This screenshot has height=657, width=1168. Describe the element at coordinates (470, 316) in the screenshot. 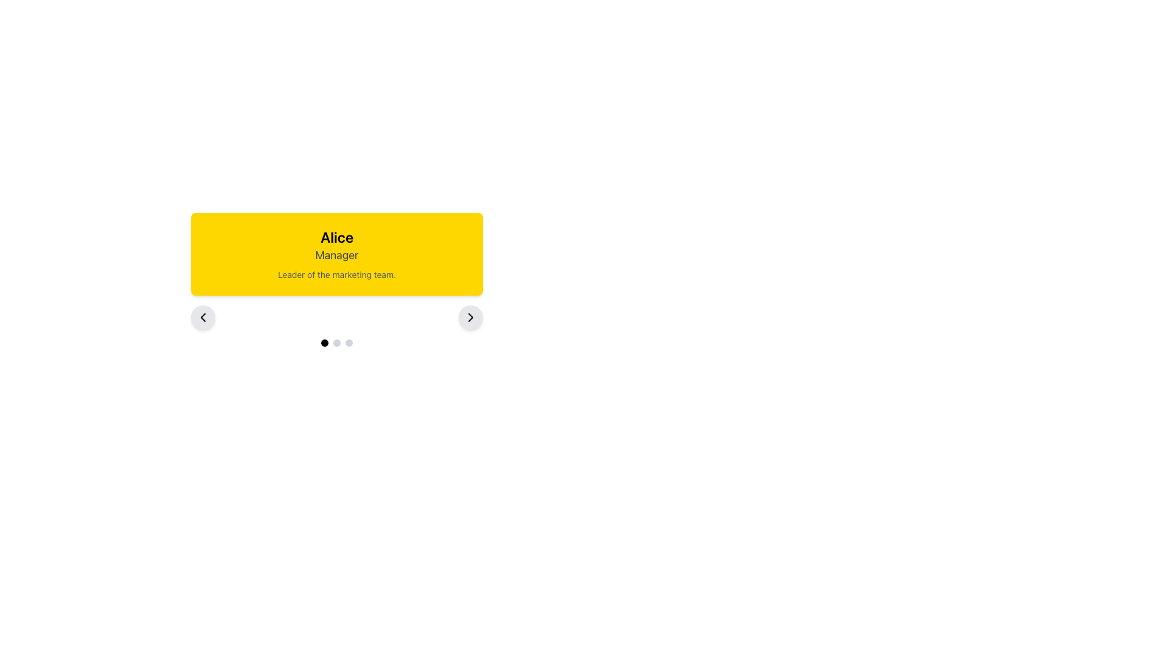

I see `the small circular button with a gray background and a rightward-pointing chevron icon, located towards the bottom right of the 'Alice - Manager' yellow content box` at that location.